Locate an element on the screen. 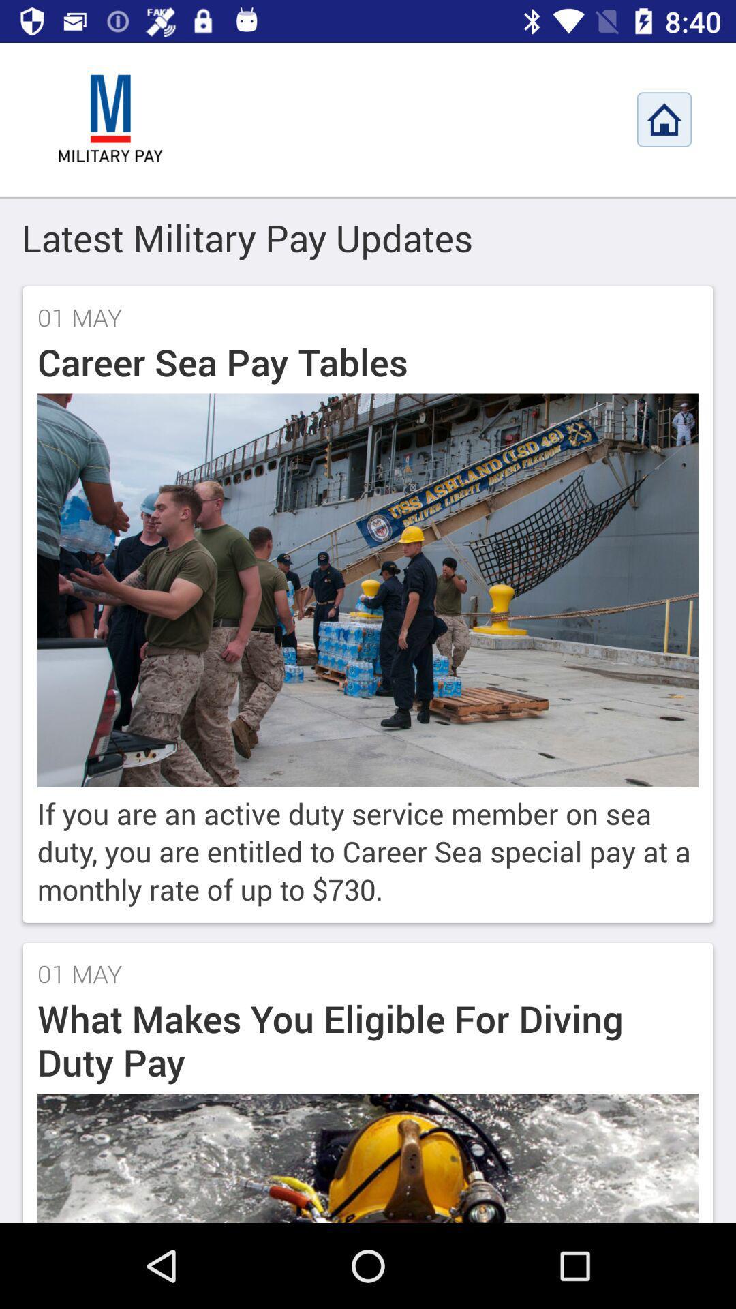 This screenshot has height=1309, width=736. main page is located at coordinates (110, 119).